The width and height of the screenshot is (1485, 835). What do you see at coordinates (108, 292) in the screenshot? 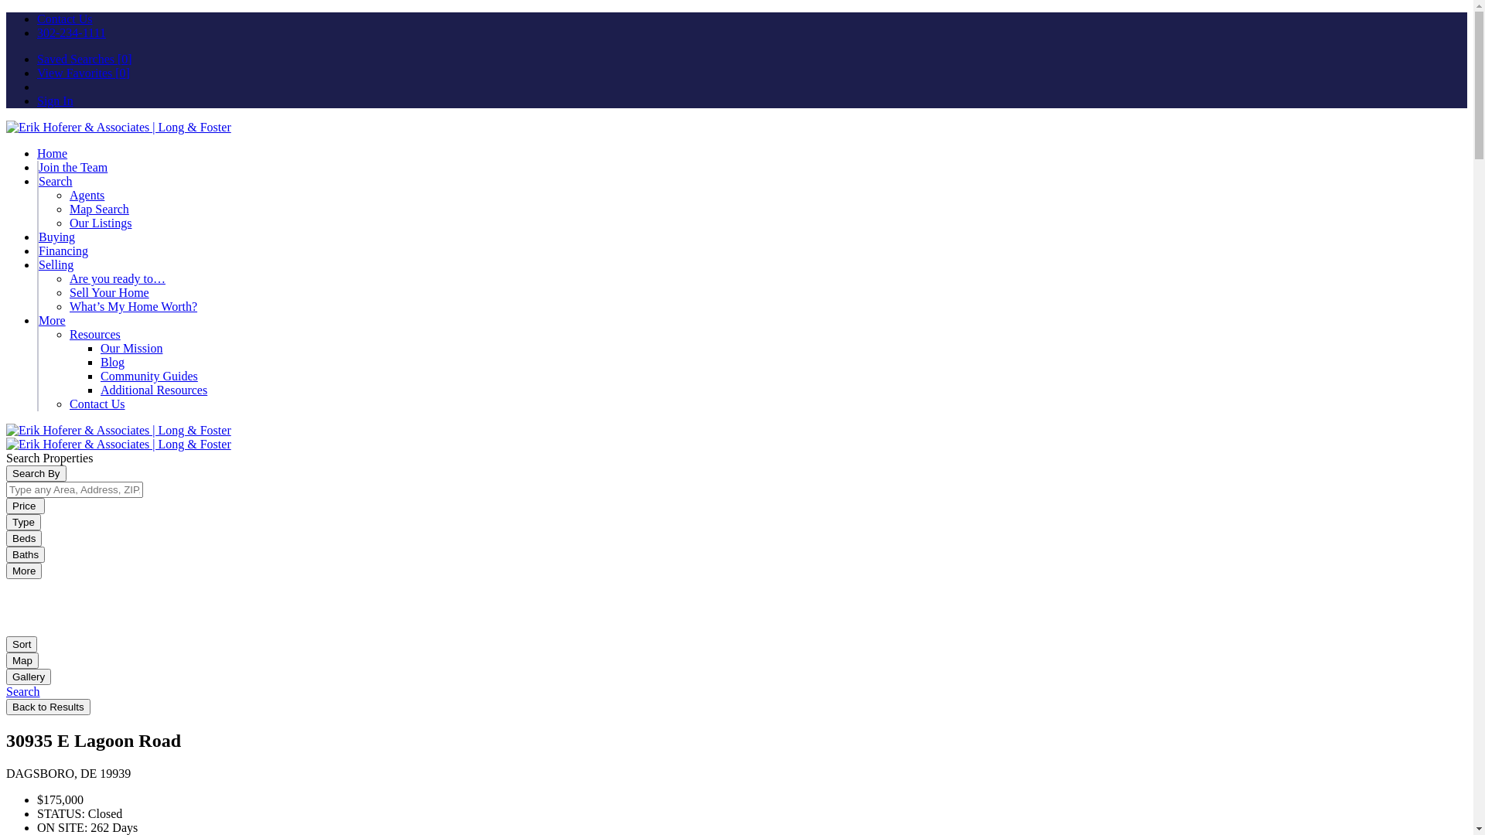
I see `'Sell Your Home'` at bounding box center [108, 292].